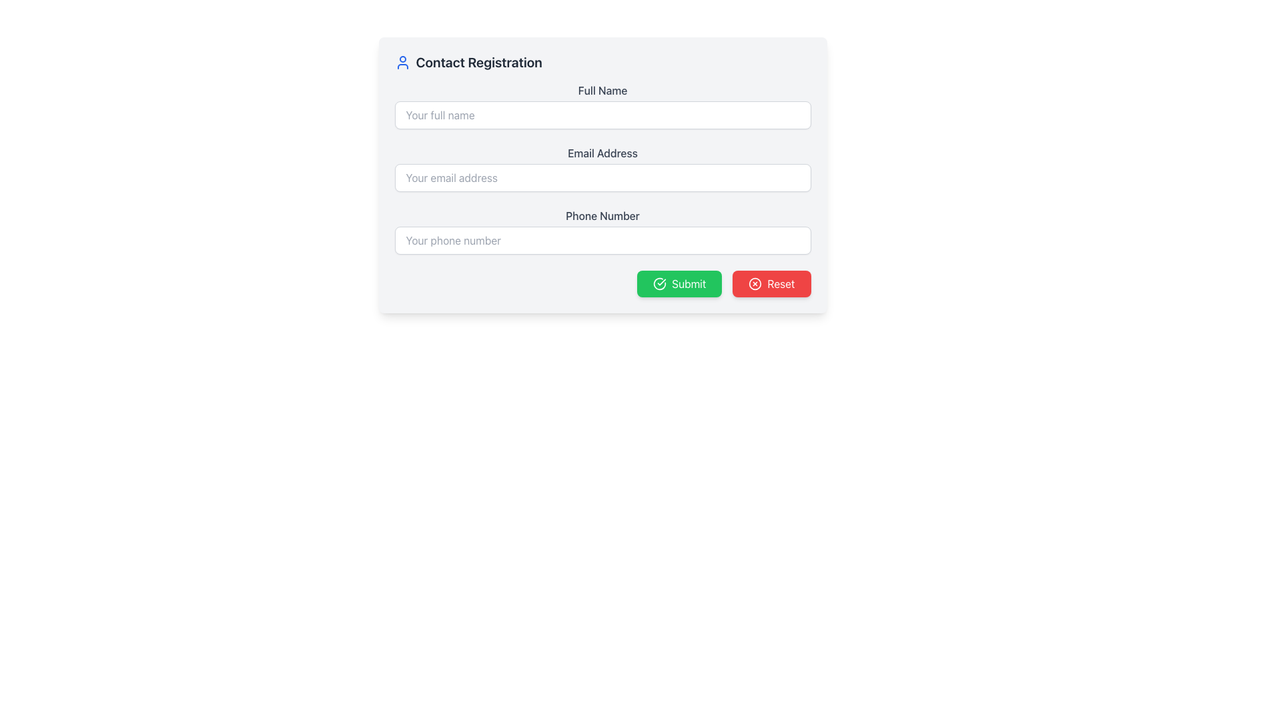  What do you see at coordinates (679, 283) in the screenshot?
I see `the submission button located in the bottom-right section of the card layout, positioned to the left of the red 'Reset' button` at bounding box center [679, 283].